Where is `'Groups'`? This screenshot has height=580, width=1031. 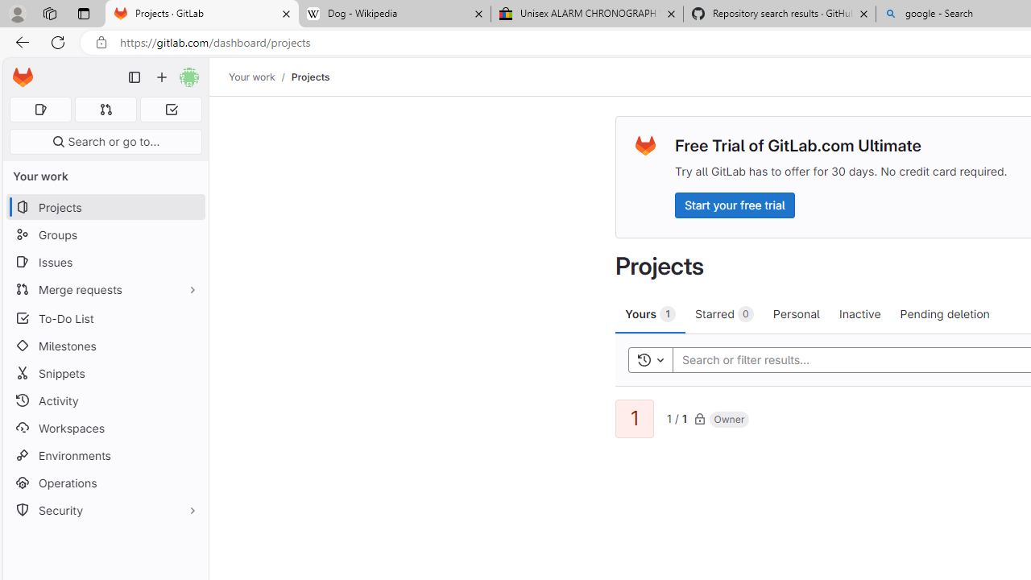 'Groups' is located at coordinates (105, 234).